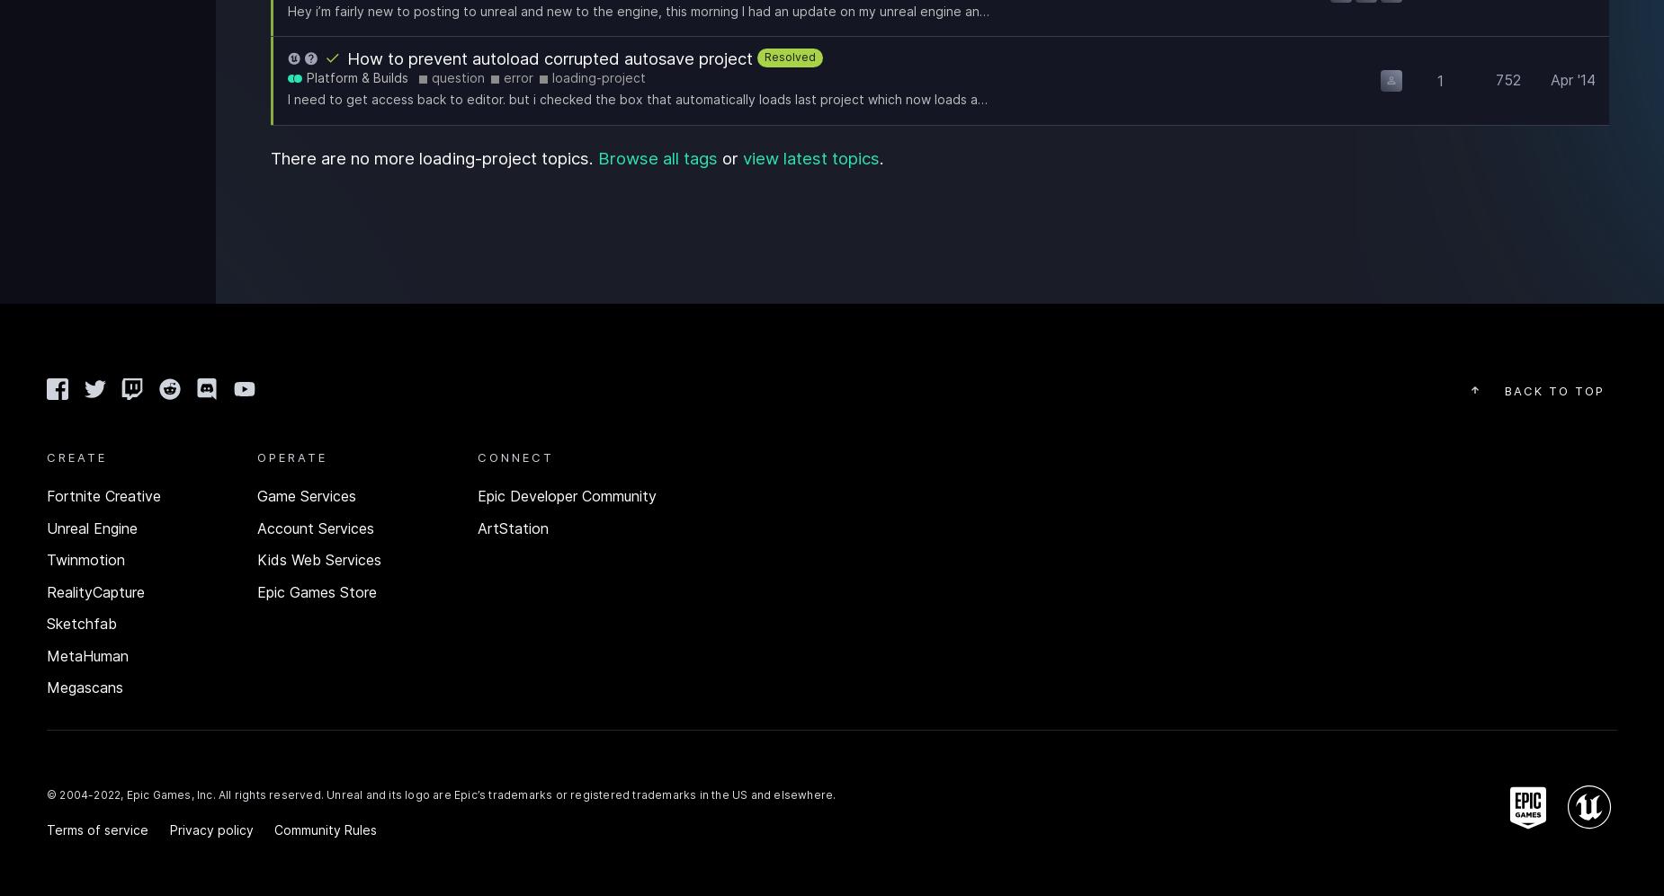 This screenshot has width=1664, height=896. I want to click on 'view latest topics', so click(741, 156).